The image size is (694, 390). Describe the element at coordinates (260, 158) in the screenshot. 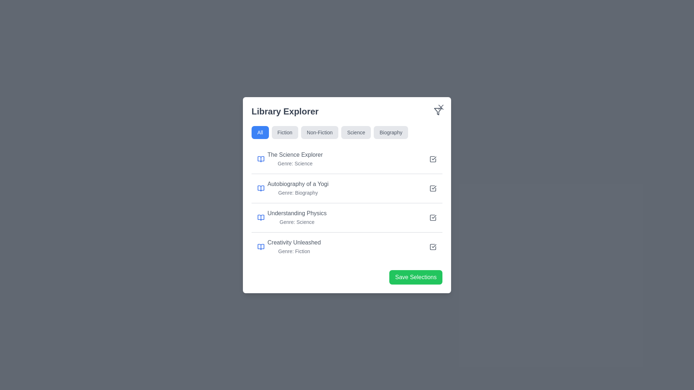

I see `the blue book-like icon located to the left of the text 'The Science Explorer' within the 'Library Explorer' section` at that location.